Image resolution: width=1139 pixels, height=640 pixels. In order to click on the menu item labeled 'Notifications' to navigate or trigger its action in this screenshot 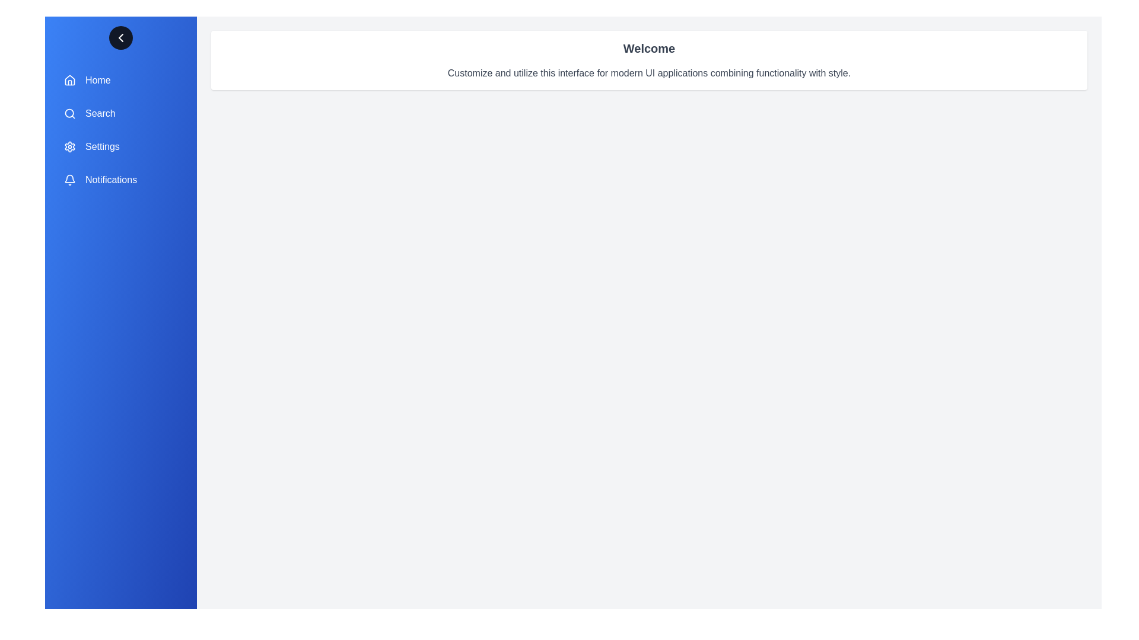, I will do `click(120, 180)`.